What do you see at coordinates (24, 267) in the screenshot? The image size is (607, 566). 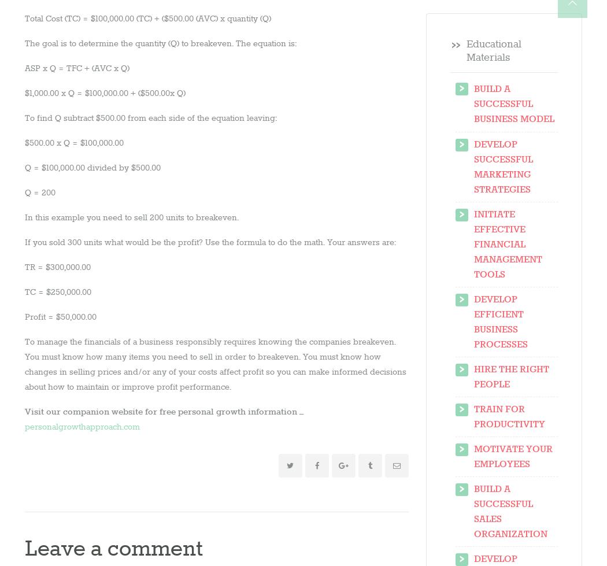 I see `'TR = $300,000.00'` at bounding box center [24, 267].